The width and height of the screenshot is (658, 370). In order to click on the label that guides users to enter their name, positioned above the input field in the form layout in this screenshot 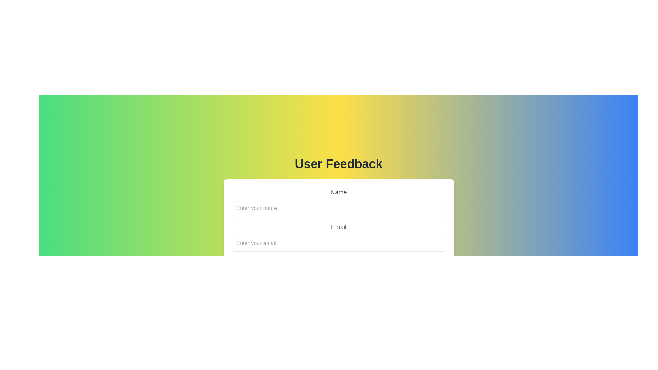, I will do `click(339, 192)`.